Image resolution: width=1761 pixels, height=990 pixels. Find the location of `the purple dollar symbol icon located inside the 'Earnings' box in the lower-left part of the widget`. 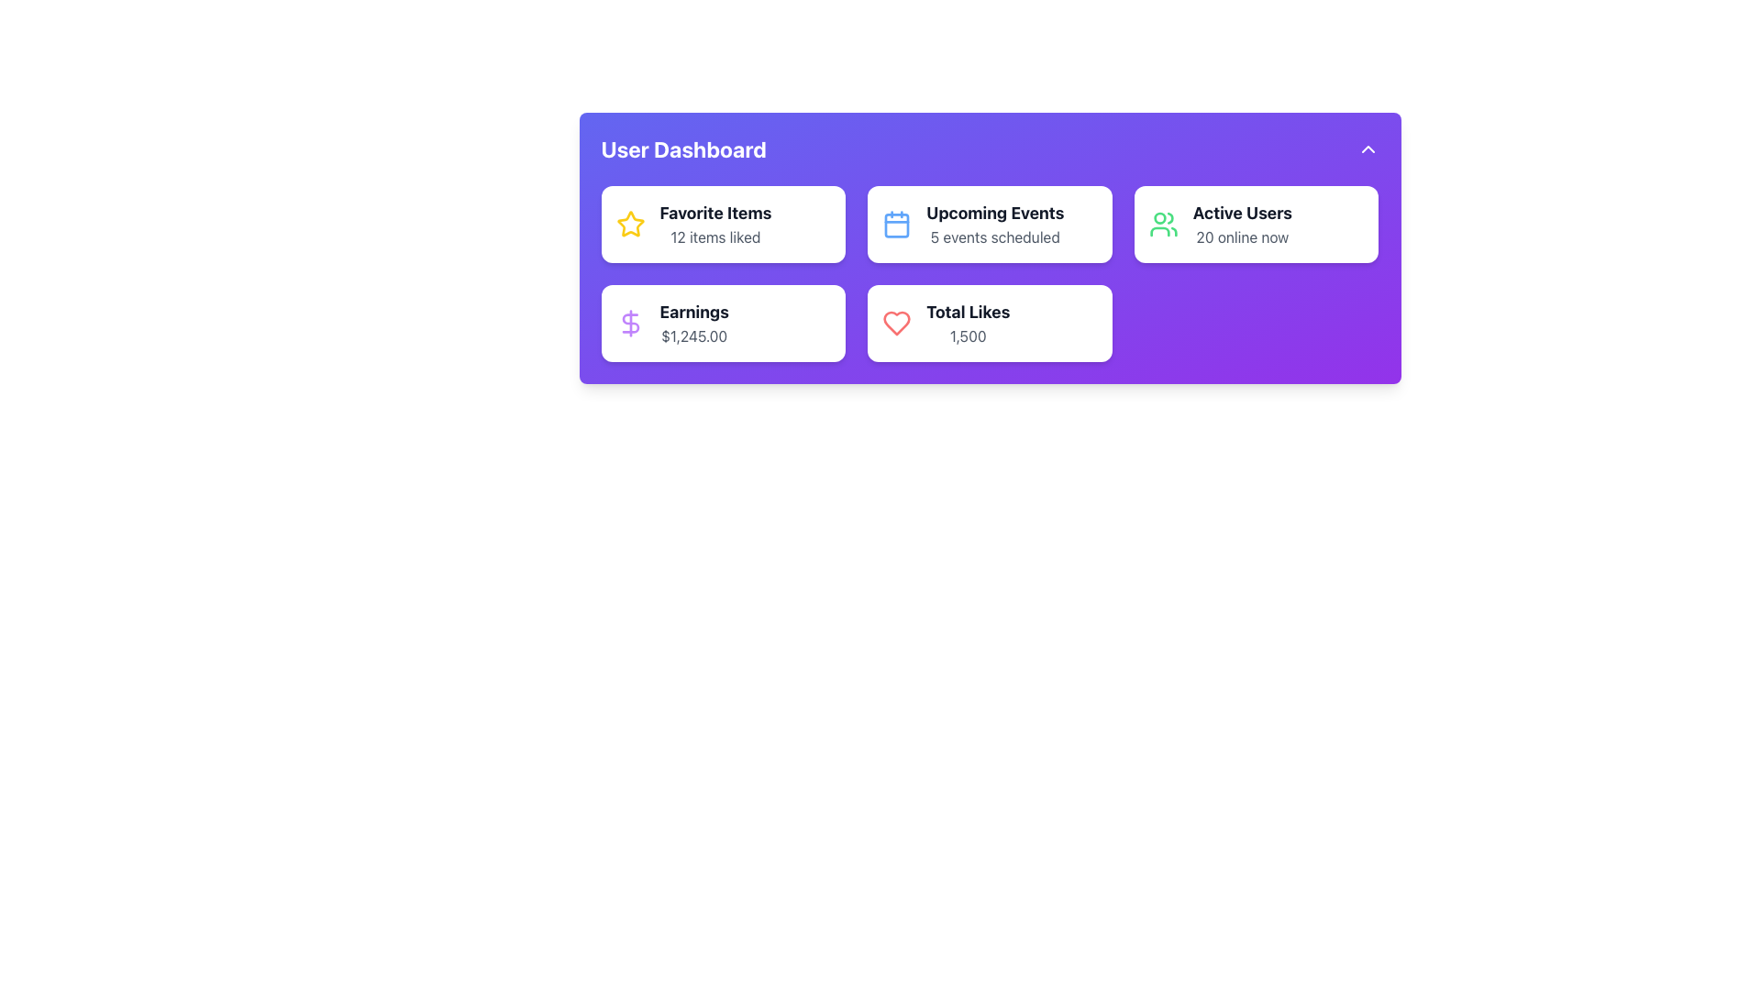

the purple dollar symbol icon located inside the 'Earnings' box in the lower-left part of the widget is located at coordinates (630, 323).